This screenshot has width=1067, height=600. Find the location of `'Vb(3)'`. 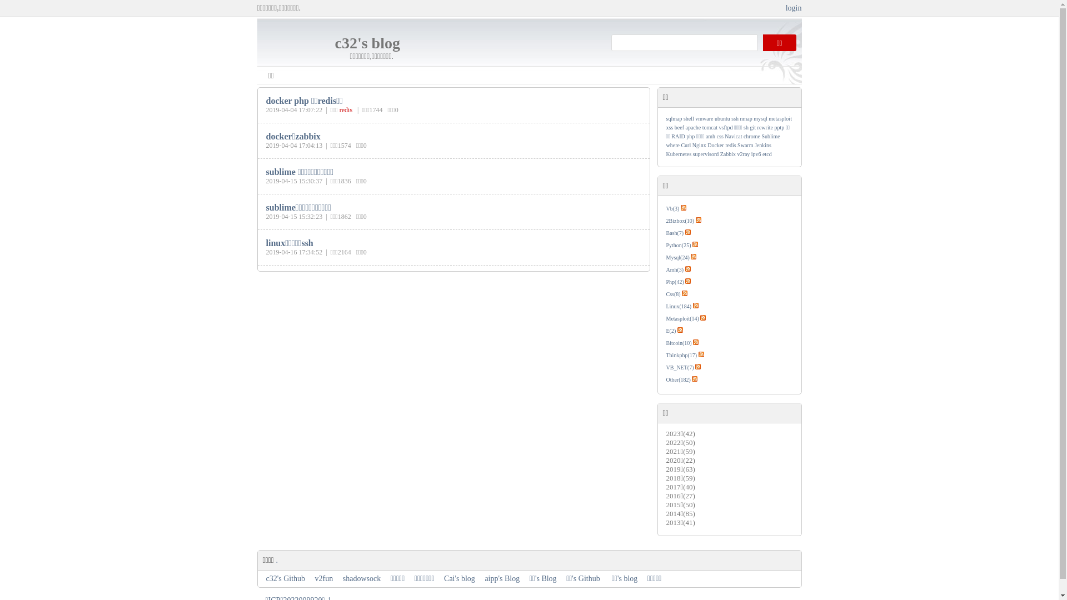

'Vb(3)' is located at coordinates (671, 208).